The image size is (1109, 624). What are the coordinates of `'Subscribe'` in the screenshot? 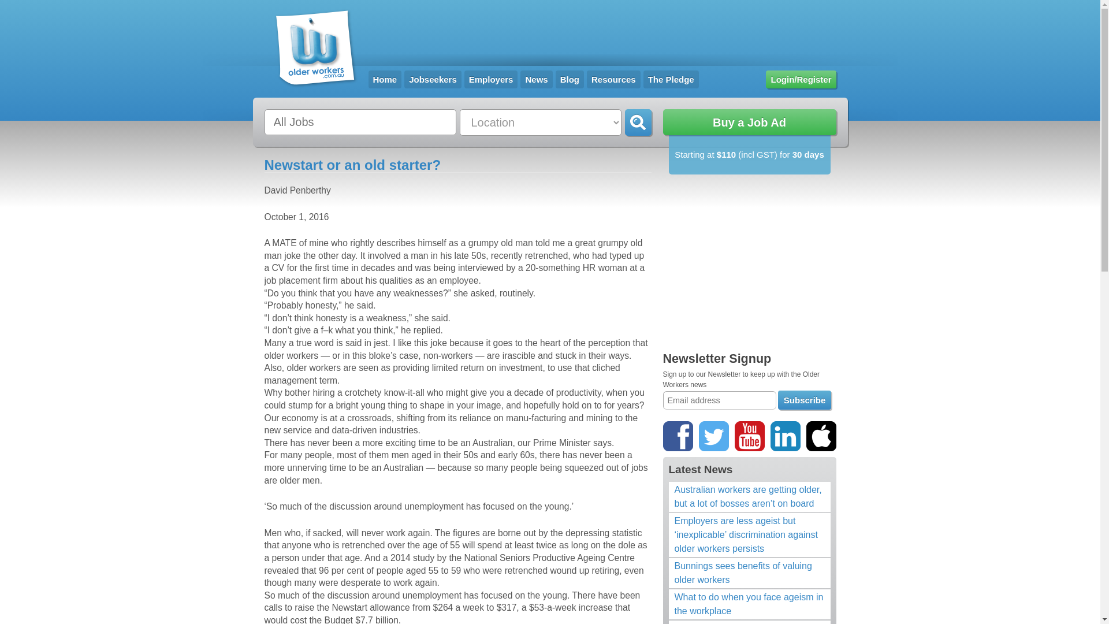 It's located at (804, 399).